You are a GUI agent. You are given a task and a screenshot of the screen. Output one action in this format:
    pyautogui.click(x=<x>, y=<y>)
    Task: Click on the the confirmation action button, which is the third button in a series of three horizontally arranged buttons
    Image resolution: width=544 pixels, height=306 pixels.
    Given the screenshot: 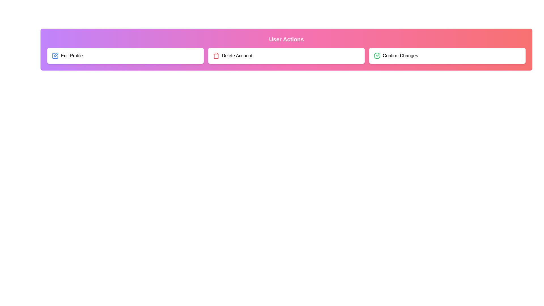 What is the action you would take?
    pyautogui.click(x=447, y=56)
    